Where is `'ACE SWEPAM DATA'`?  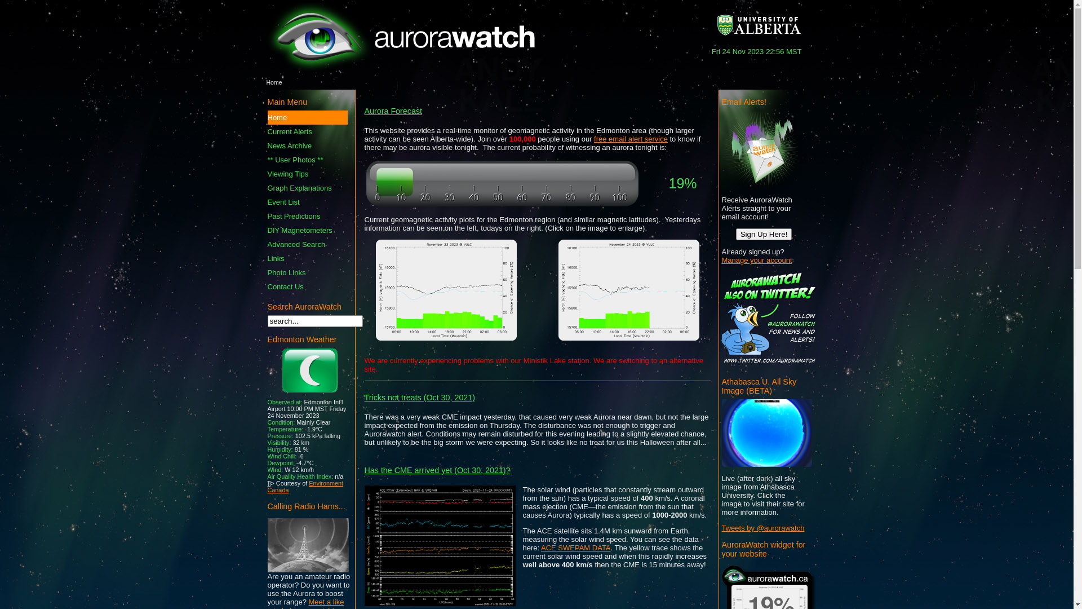
'ACE SWEPAM DATA' is located at coordinates (576, 547).